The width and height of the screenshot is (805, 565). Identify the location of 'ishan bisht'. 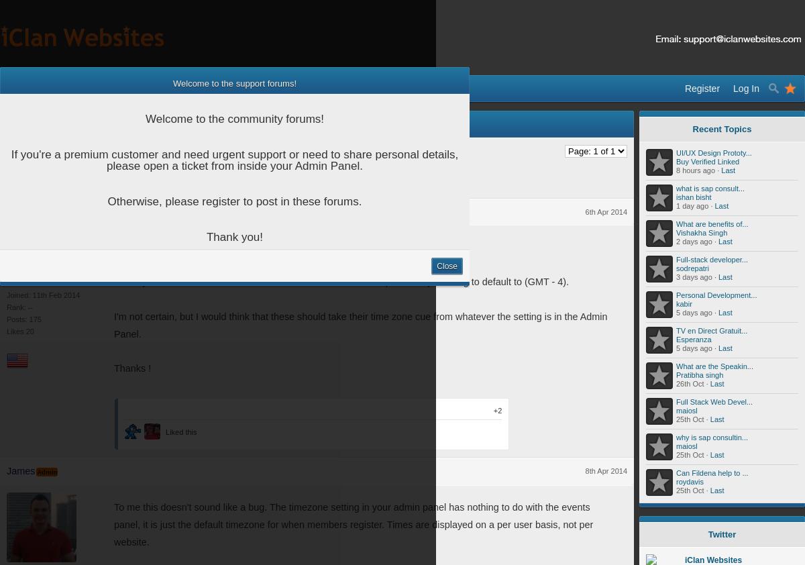
(694, 197).